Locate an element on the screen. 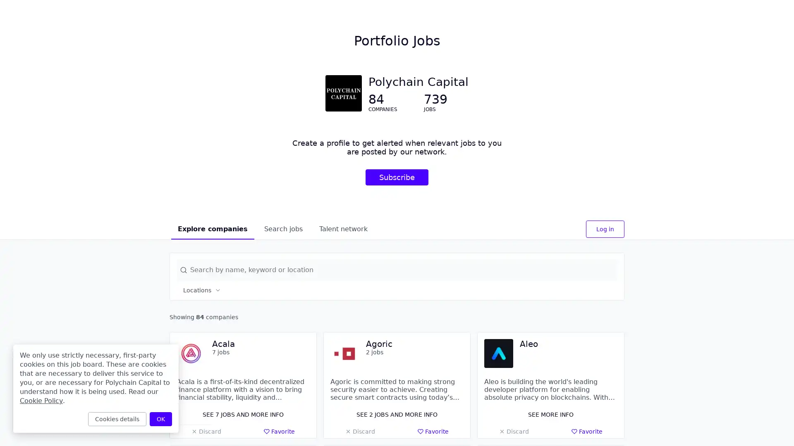 The width and height of the screenshot is (794, 446). Locations is located at coordinates (202, 289).